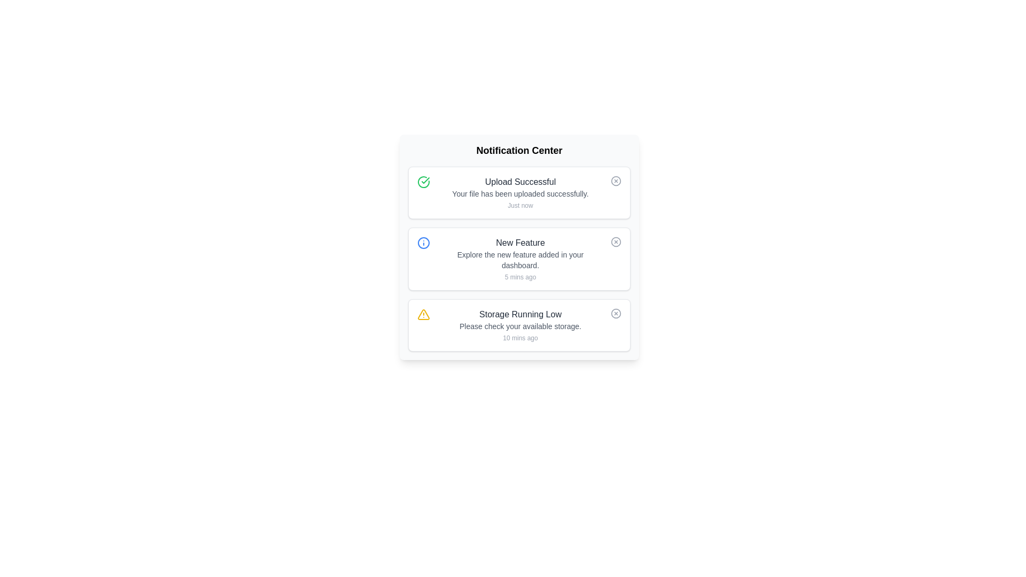 The height and width of the screenshot is (577, 1026). I want to click on the 'Just now' text label located under the 'Upload Successful' notification in the Notification Center interface, so click(520, 206).